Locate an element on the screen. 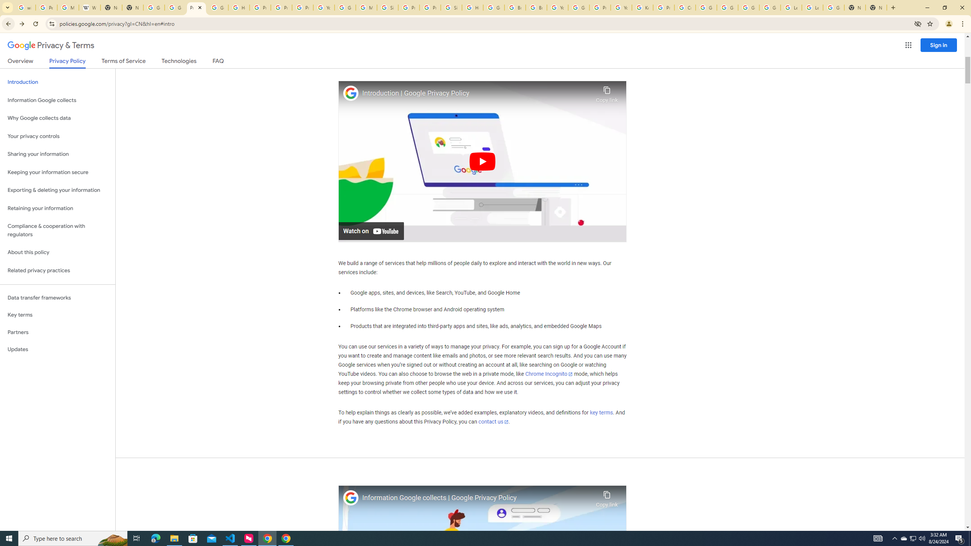 This screenshot has width=971, height=546. 'Partners' is located at coordinates (57, 332).